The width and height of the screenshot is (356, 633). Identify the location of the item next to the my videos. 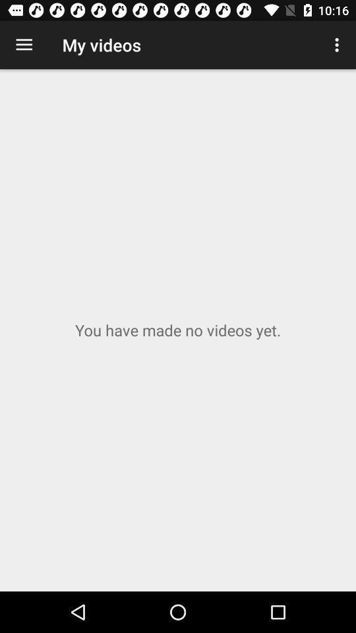
(24, 45).